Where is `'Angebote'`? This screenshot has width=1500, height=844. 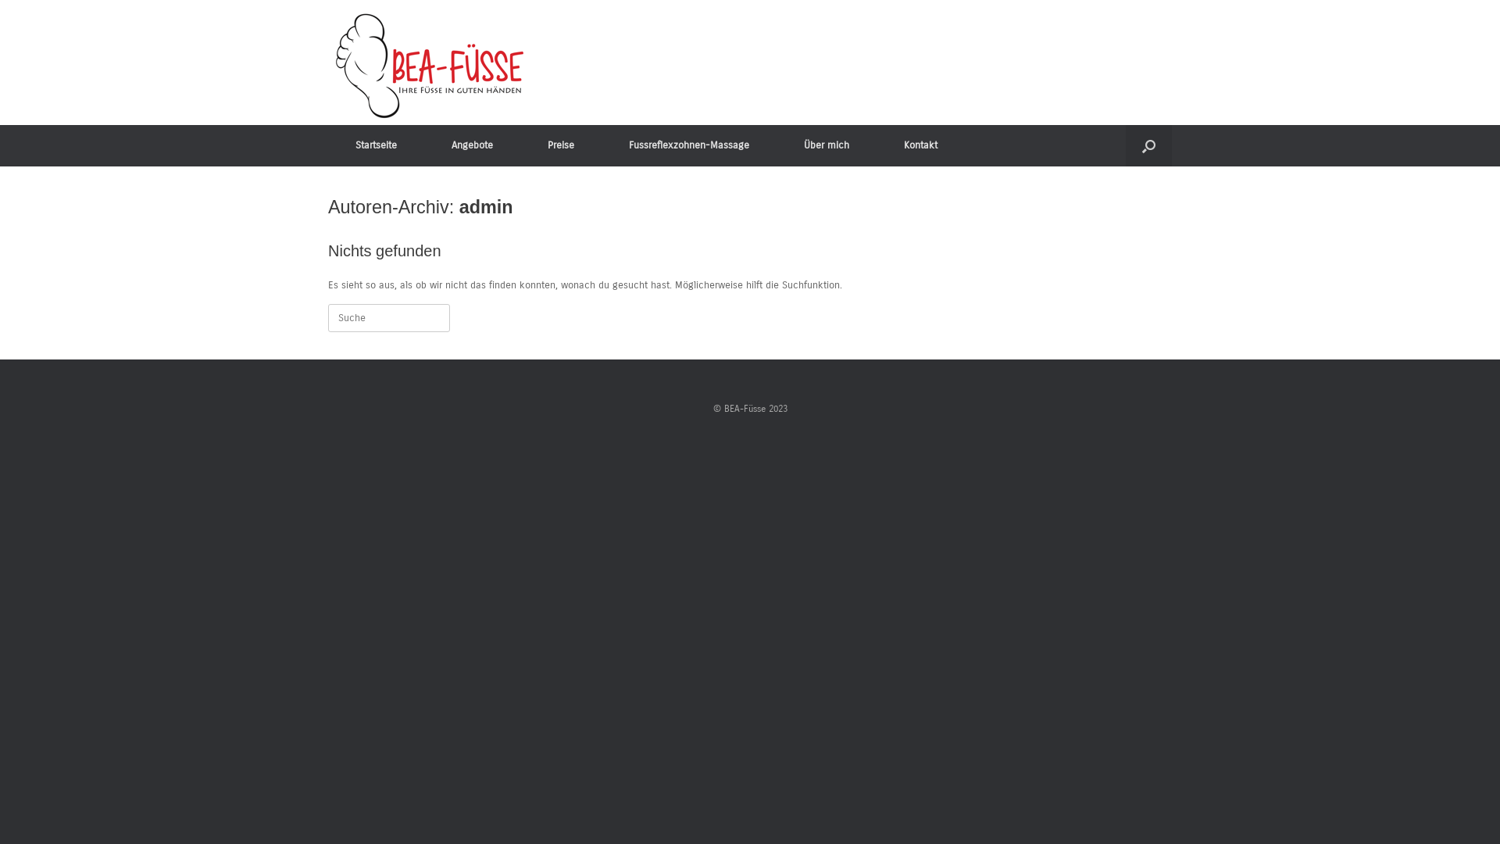
'Angebote' is located at coordinates (471, 145).